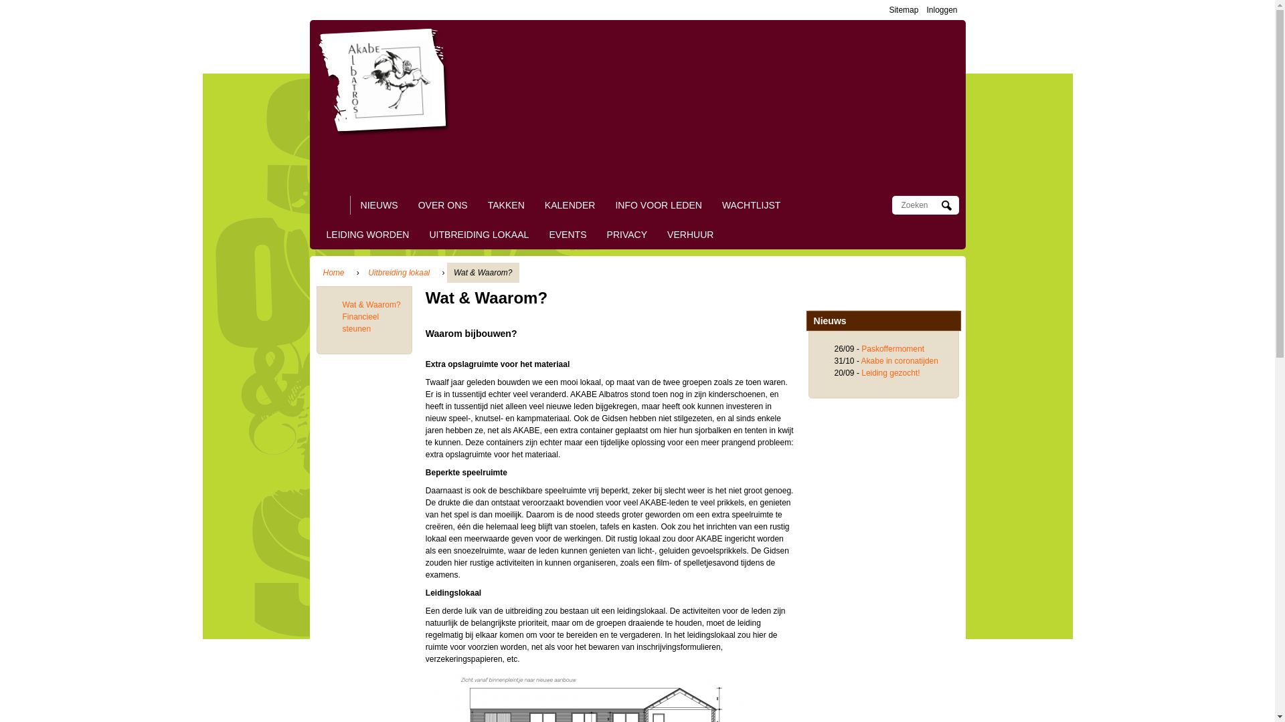 The height and width of the screenshot is (722, 1285). Describe the element at coordinates (368, 234) in the screenshot. I see `'LEIDING WORDEN'` at that location.